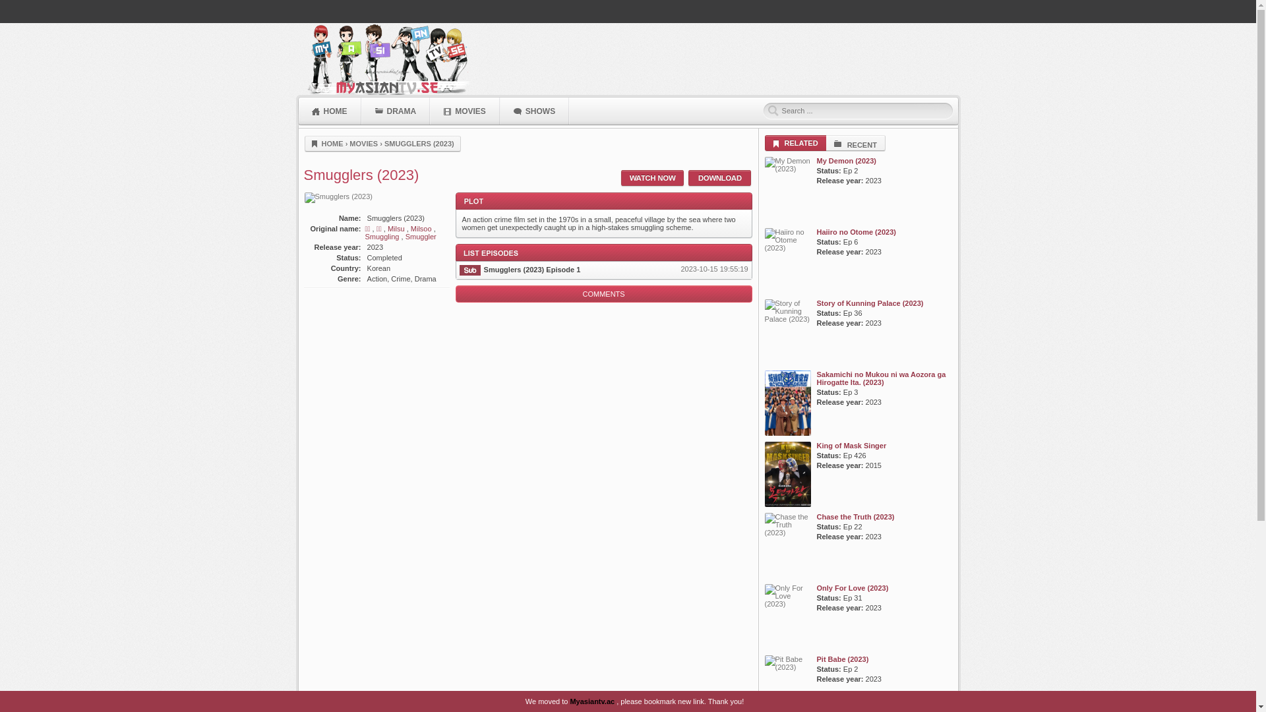  What do you see at coordinates (841, 659) in the screenshot?
I see `'Pit Babe (2023)'` at bounding box center [841, 659].